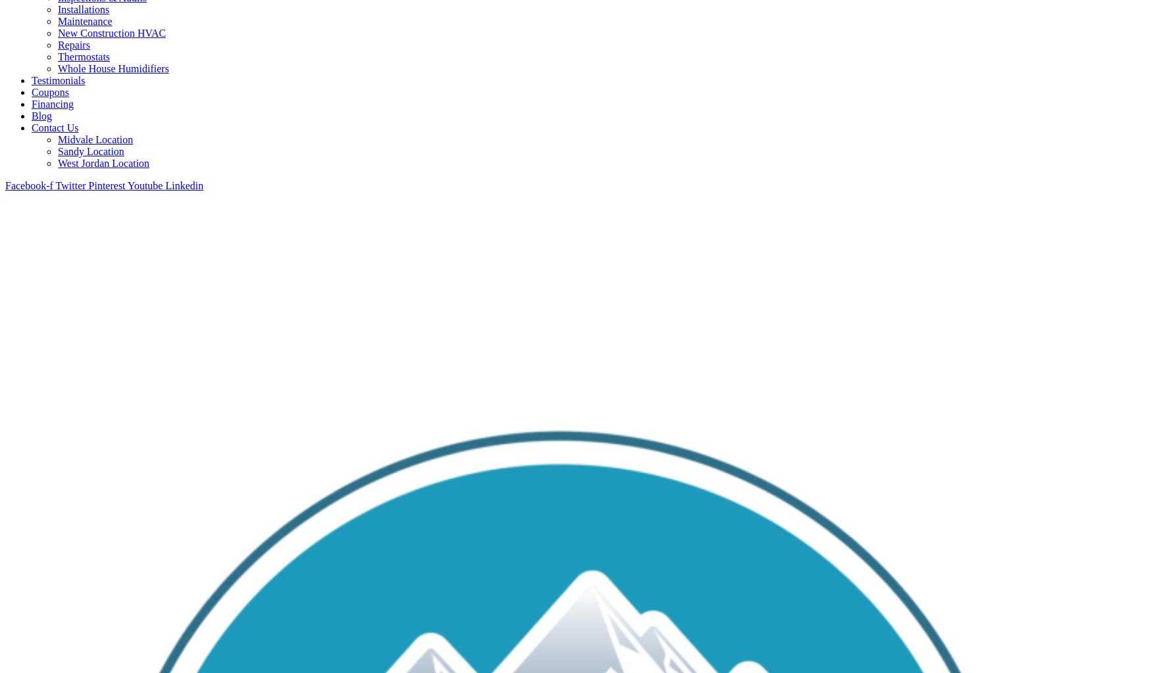  What do you see at coordinates (113, 68) in the screenshot?
I see `'Whole House Humidifiers'` at bounding box center [113, 68].